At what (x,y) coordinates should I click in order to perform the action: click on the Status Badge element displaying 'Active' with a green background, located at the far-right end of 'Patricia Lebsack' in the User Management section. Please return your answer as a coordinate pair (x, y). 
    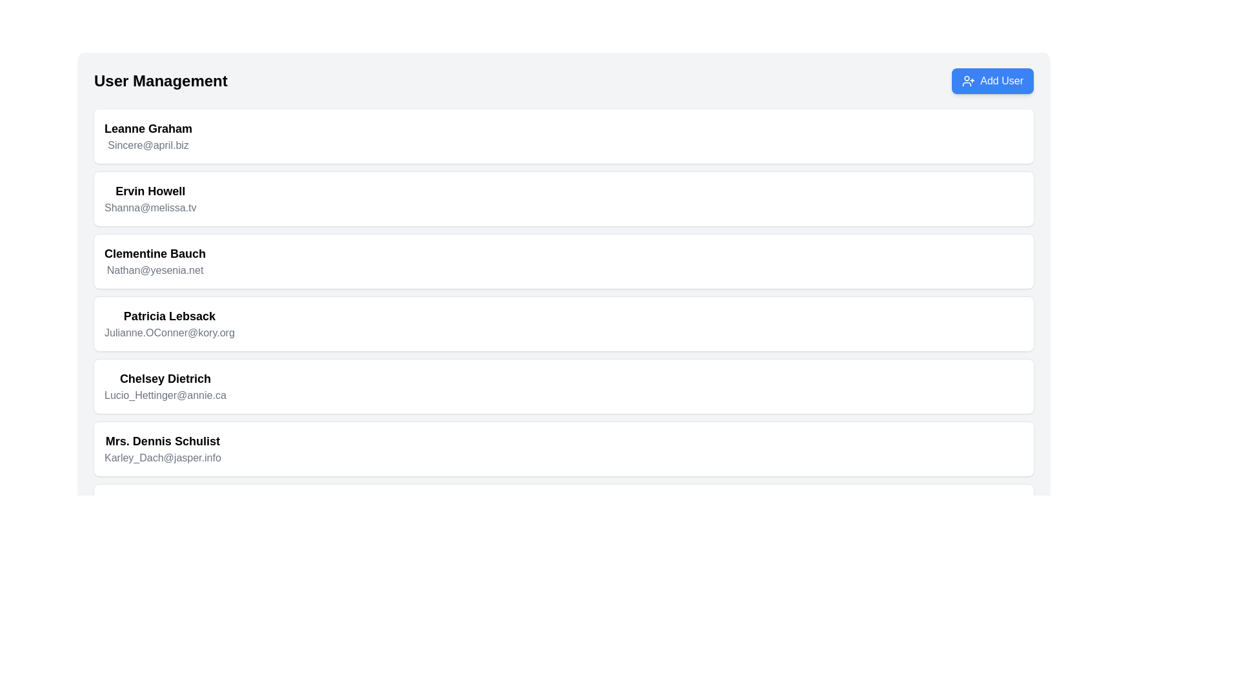
    Looking at the image, I should click on (1003, 323).